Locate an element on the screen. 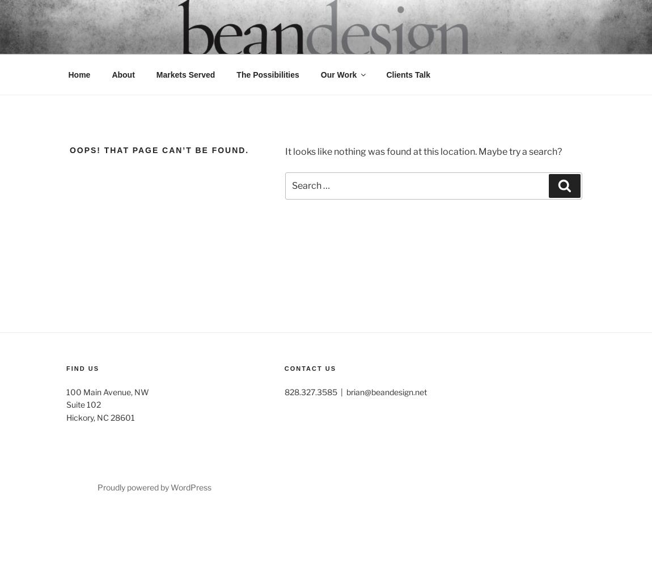  'Markets Served' is located at coordinates (185, 74).